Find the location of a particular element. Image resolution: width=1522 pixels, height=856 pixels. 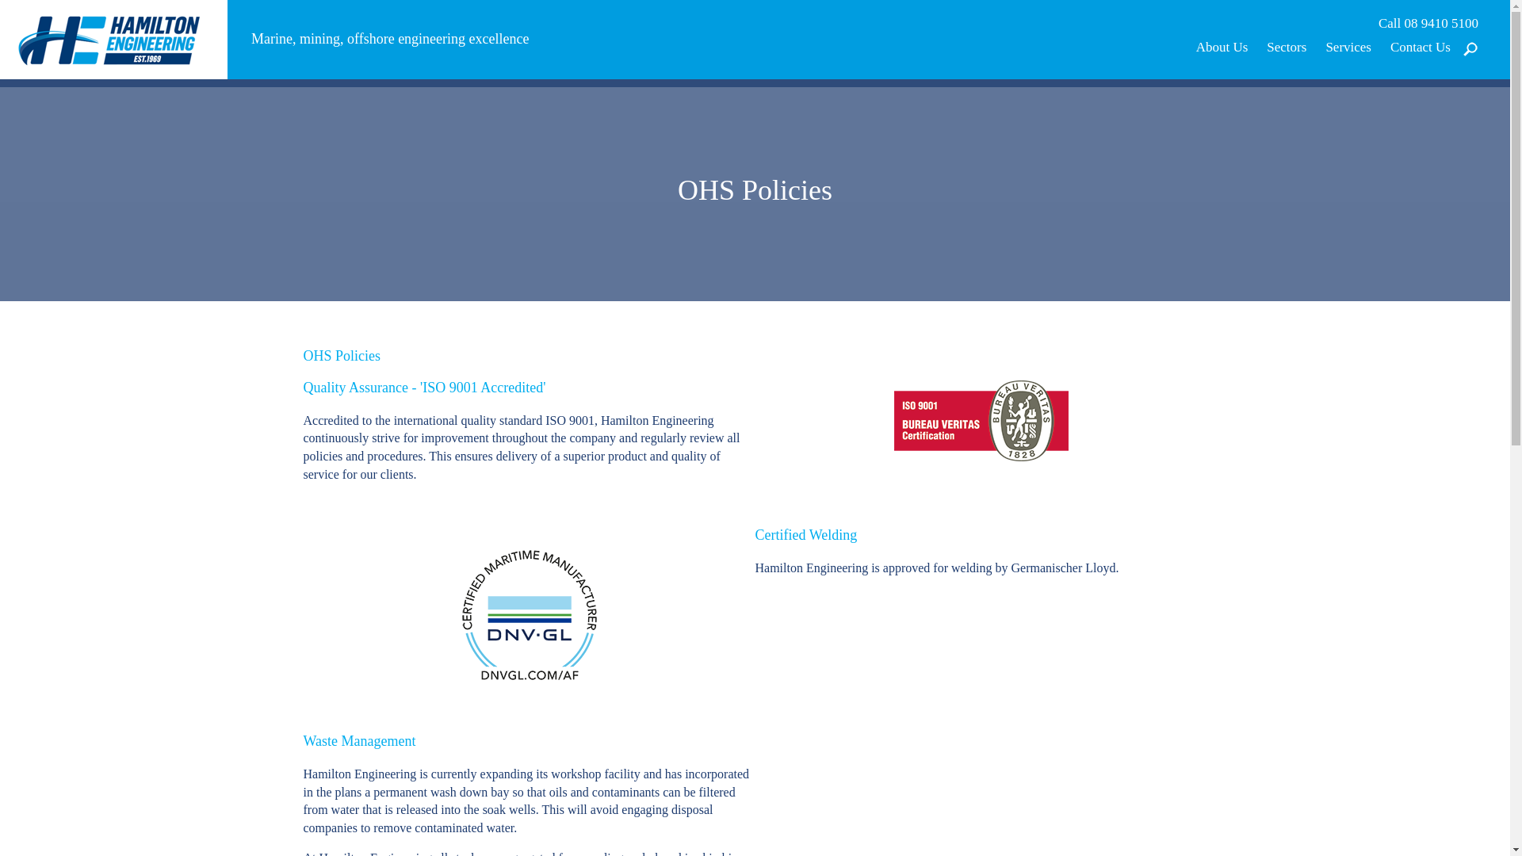

'About Us' is located at coordinates (1221, 46).